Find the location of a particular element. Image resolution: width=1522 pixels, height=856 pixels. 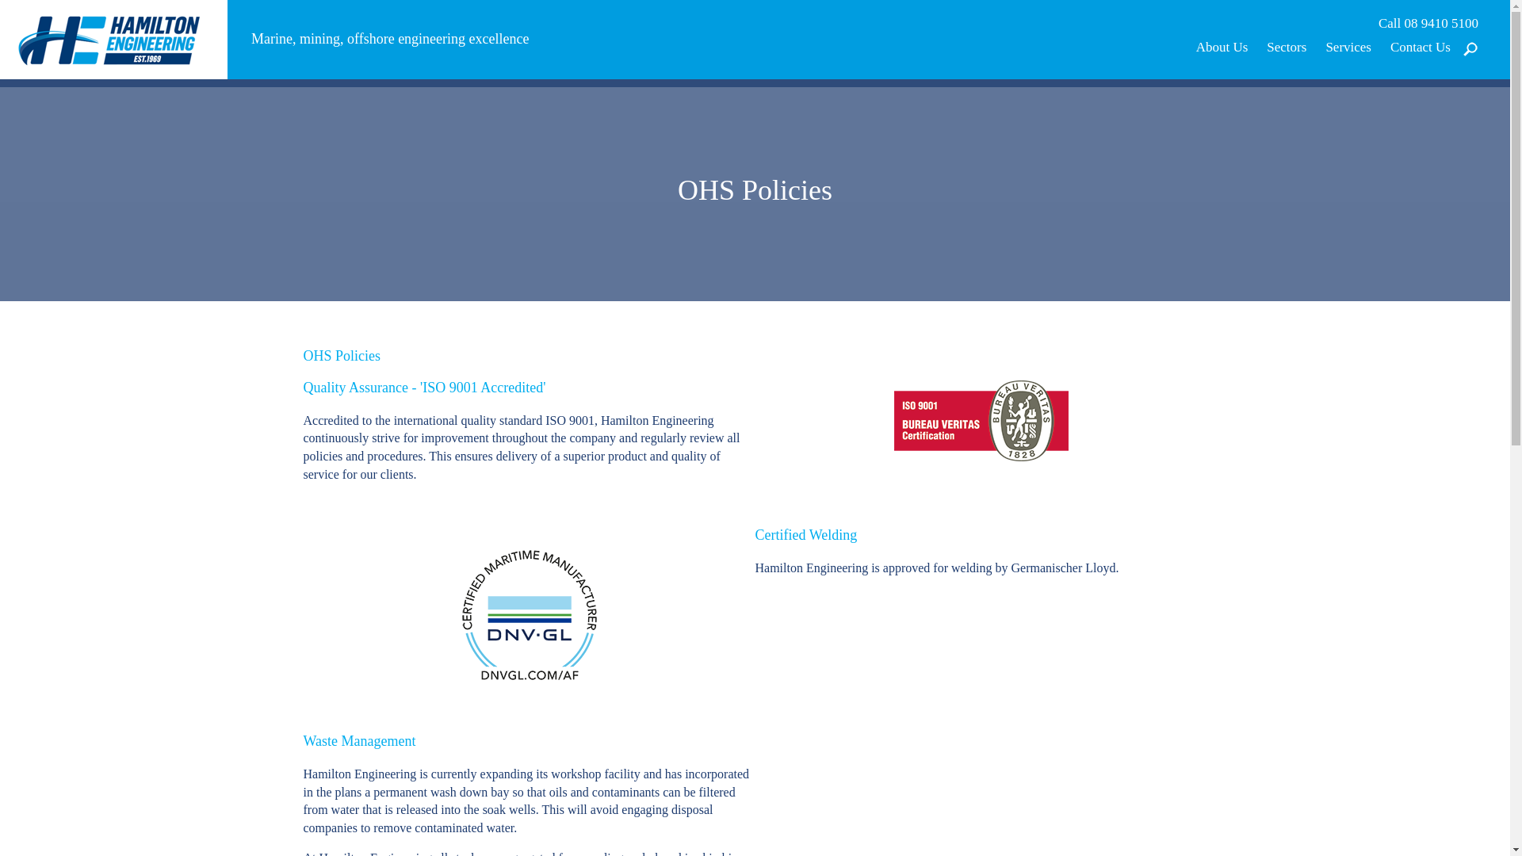

'About Us' is located at coordinates (1221, 46).